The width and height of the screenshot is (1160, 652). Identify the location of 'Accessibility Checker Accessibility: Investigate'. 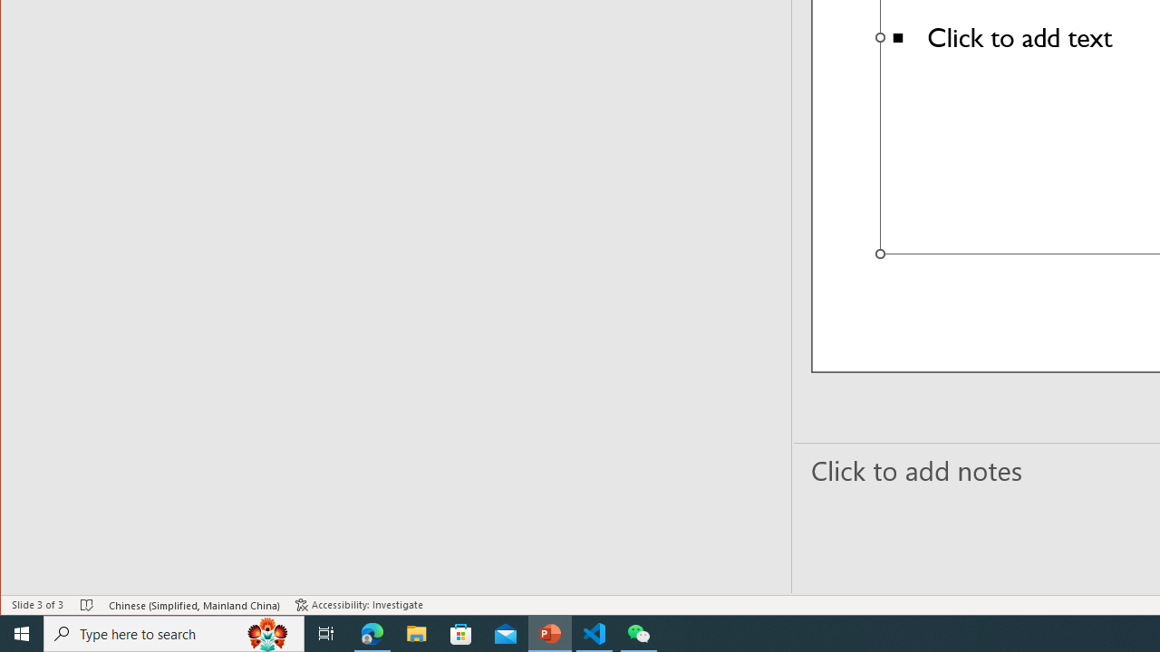
(359, 605).